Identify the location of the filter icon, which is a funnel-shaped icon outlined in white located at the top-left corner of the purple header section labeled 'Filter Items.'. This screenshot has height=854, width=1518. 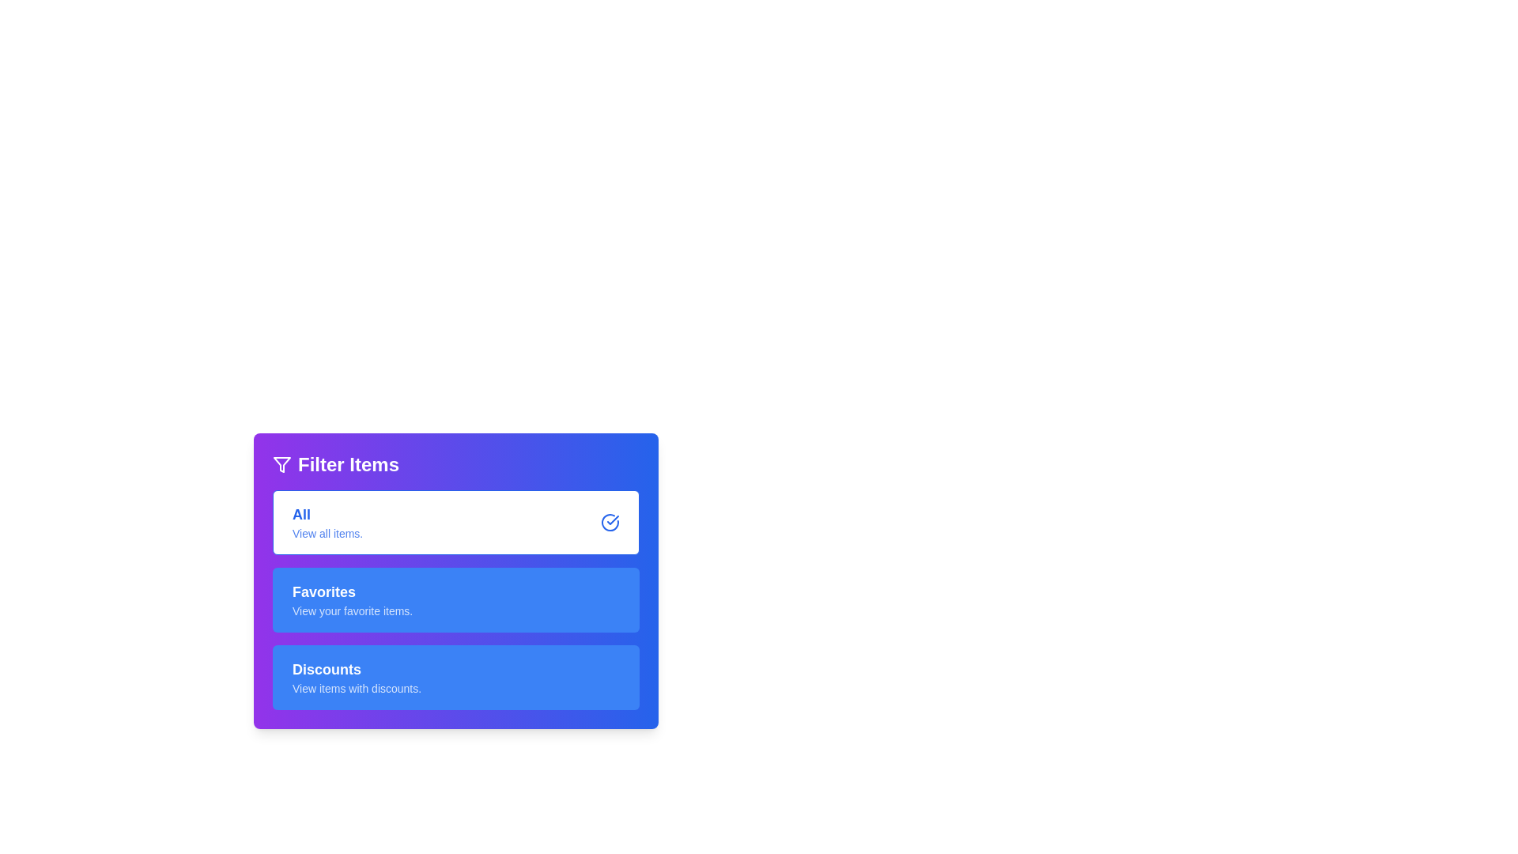
(281, 463).